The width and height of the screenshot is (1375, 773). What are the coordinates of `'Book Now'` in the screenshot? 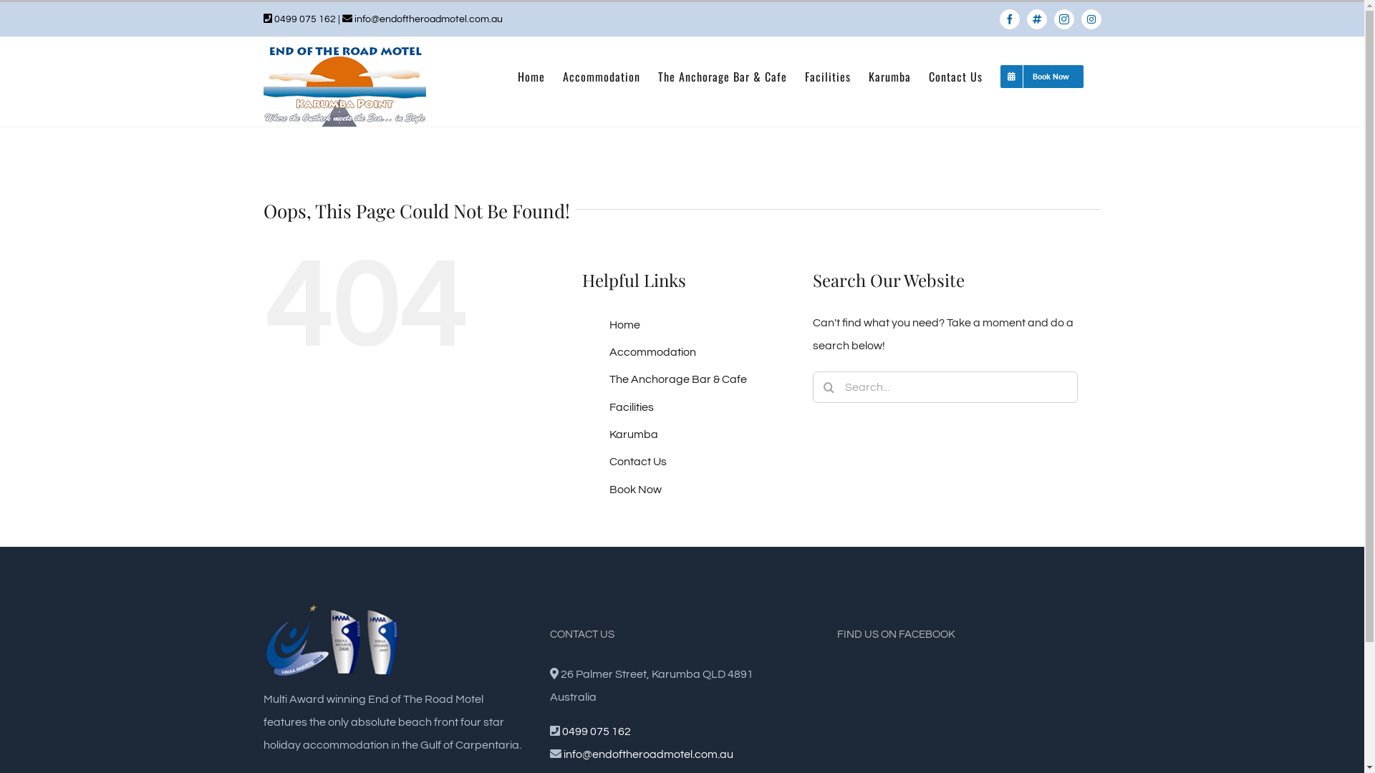 It's located at (635, 488).